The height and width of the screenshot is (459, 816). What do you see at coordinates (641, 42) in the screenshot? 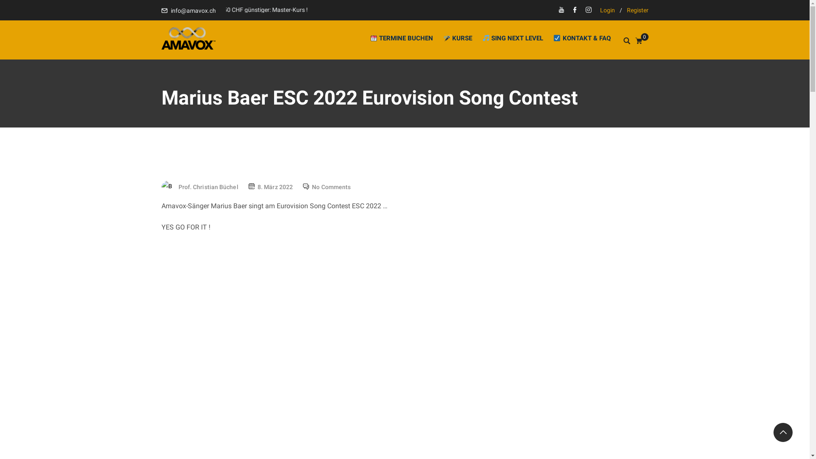
I see `'0'` at bounding box center [641, 42].